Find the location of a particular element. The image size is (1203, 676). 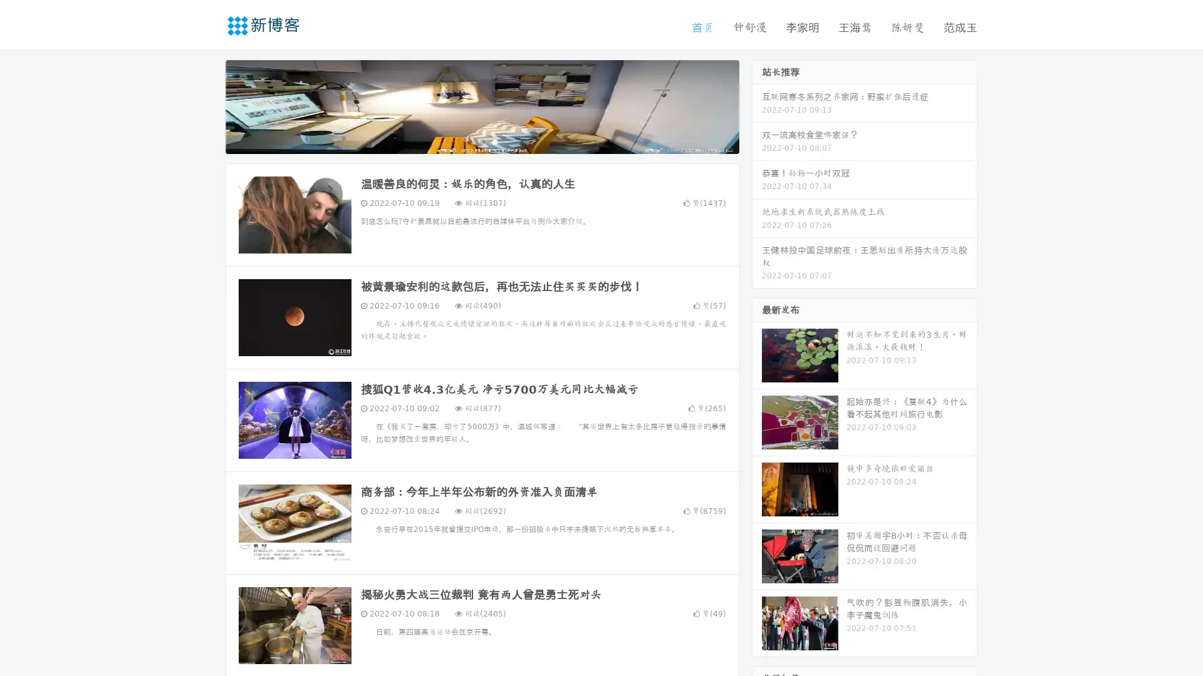

Previous slide is located at coordinates (207, 105).